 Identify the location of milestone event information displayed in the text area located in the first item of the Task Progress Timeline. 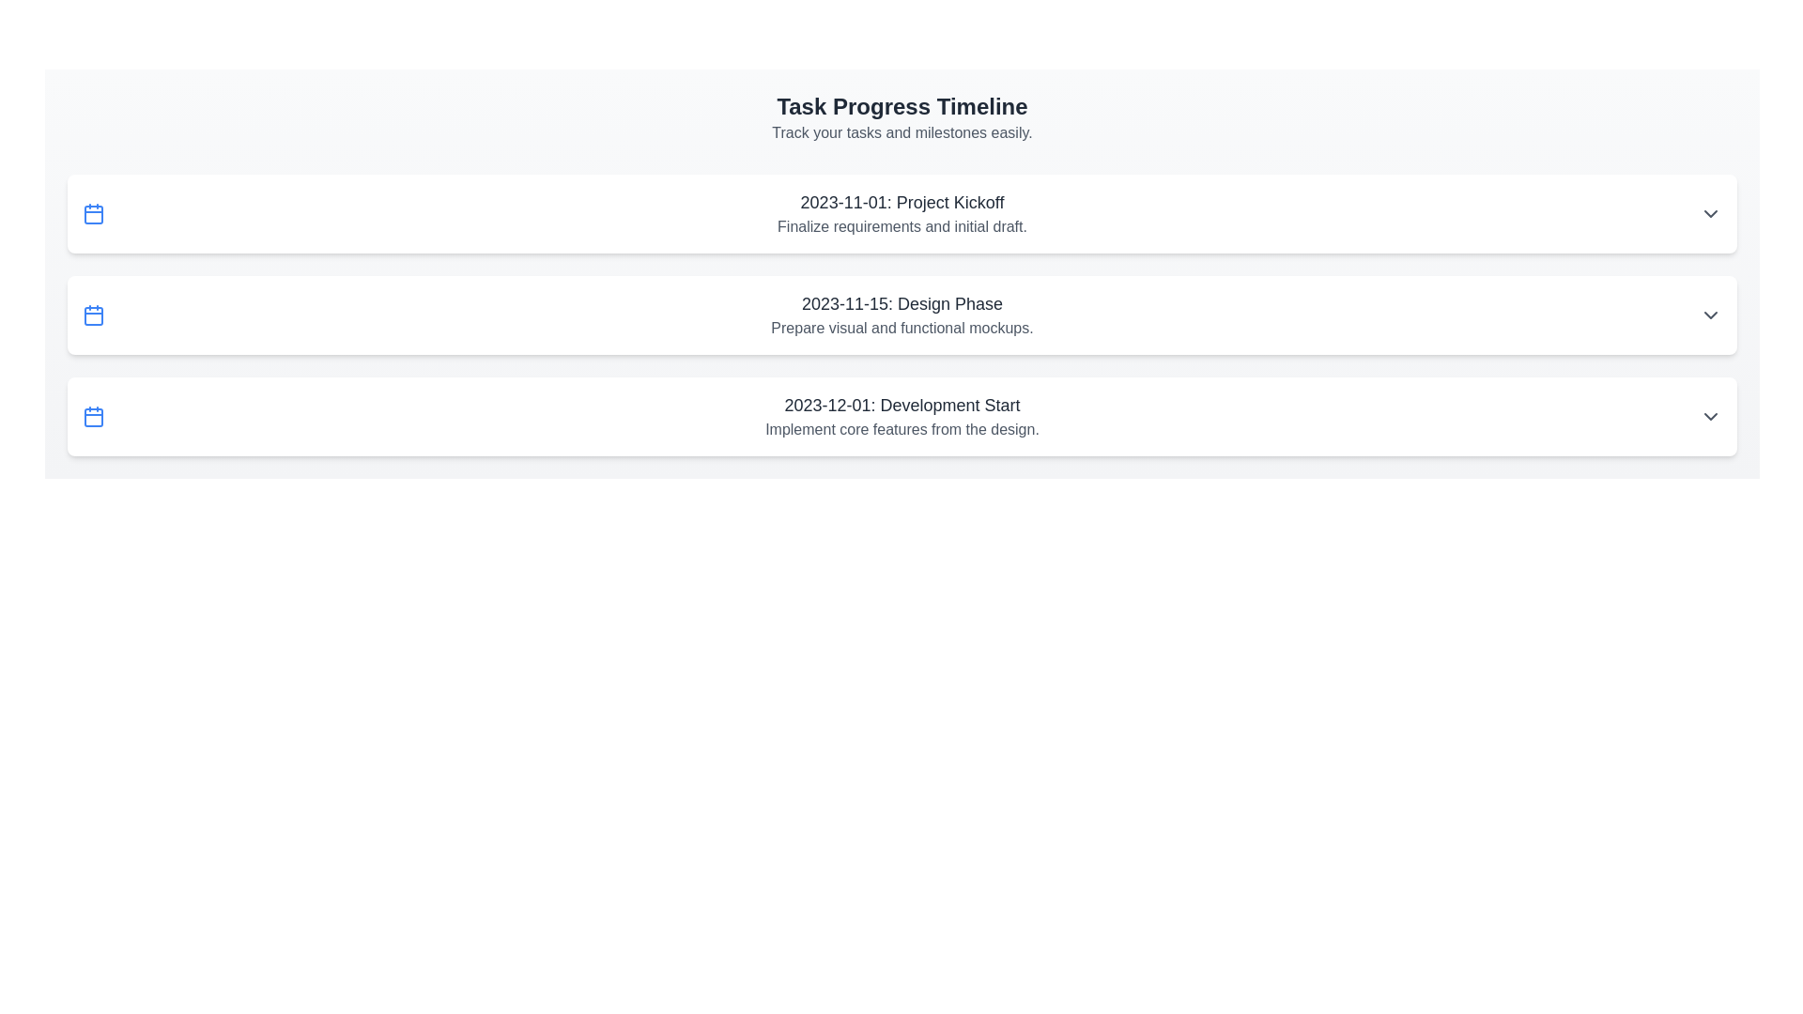
(901, 212).